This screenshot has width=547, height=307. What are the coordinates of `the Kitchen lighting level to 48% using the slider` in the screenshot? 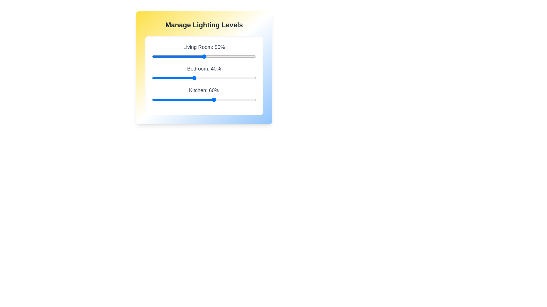 It's located at (202, 99).